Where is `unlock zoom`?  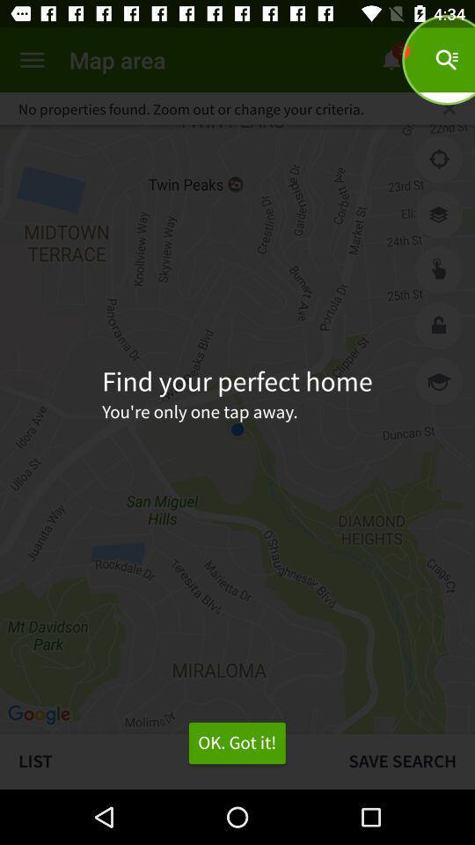 unlock zoom is located at coordinates (438, 325).